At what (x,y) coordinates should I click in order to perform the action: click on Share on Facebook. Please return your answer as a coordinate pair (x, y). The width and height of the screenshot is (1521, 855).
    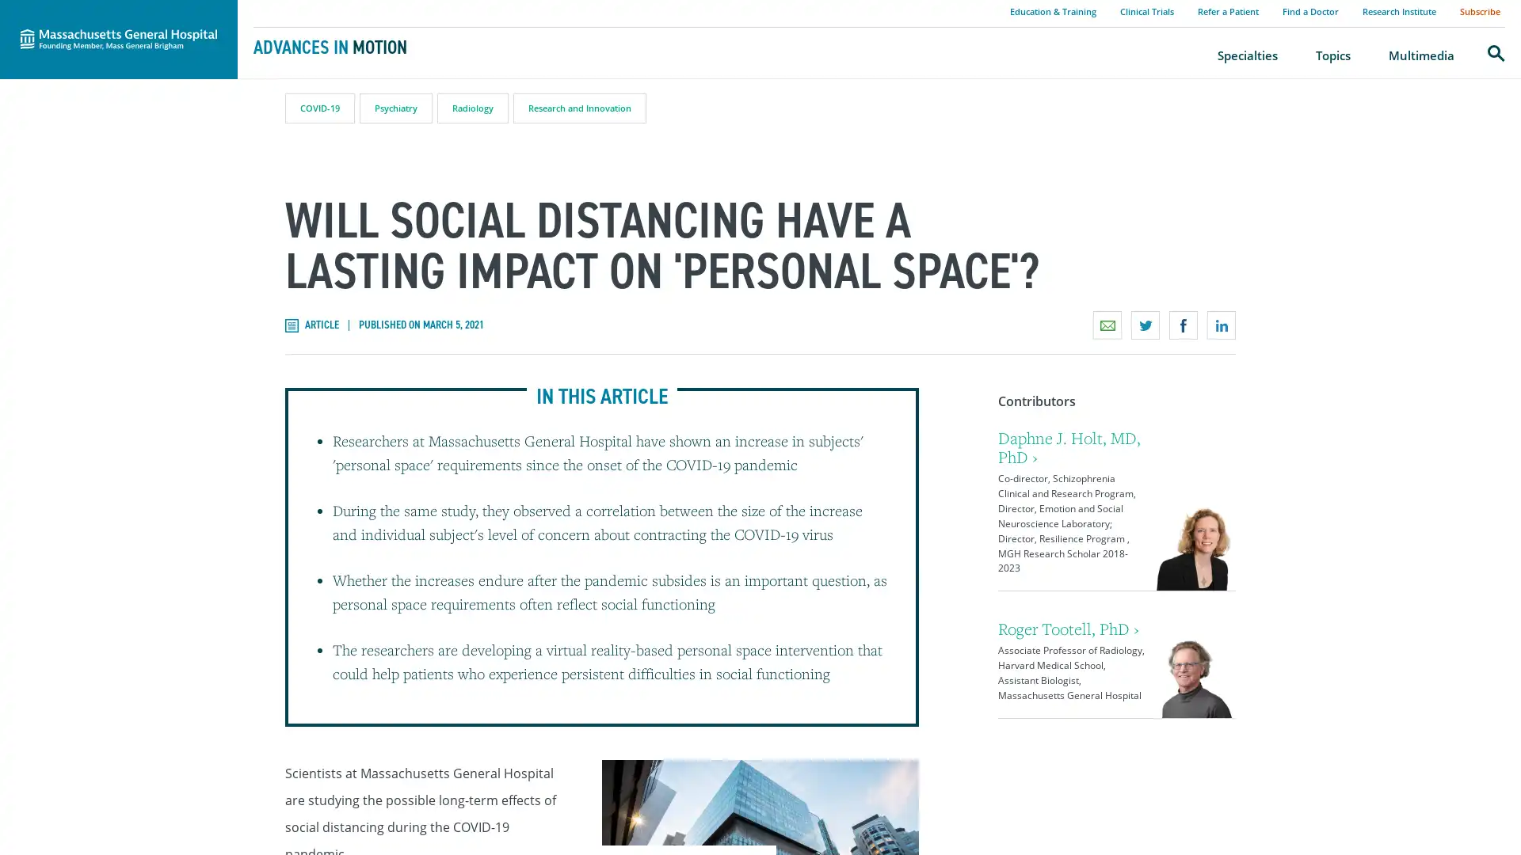
    Looking at the image, I should click on (1183, 325).